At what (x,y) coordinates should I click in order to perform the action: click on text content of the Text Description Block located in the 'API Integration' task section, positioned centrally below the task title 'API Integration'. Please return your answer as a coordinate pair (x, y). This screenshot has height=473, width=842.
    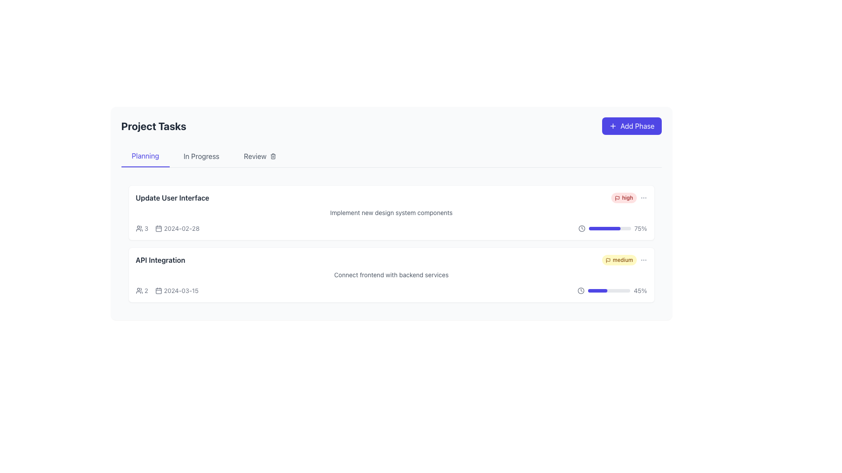
    Looking at the image, I should click on (391, 275).